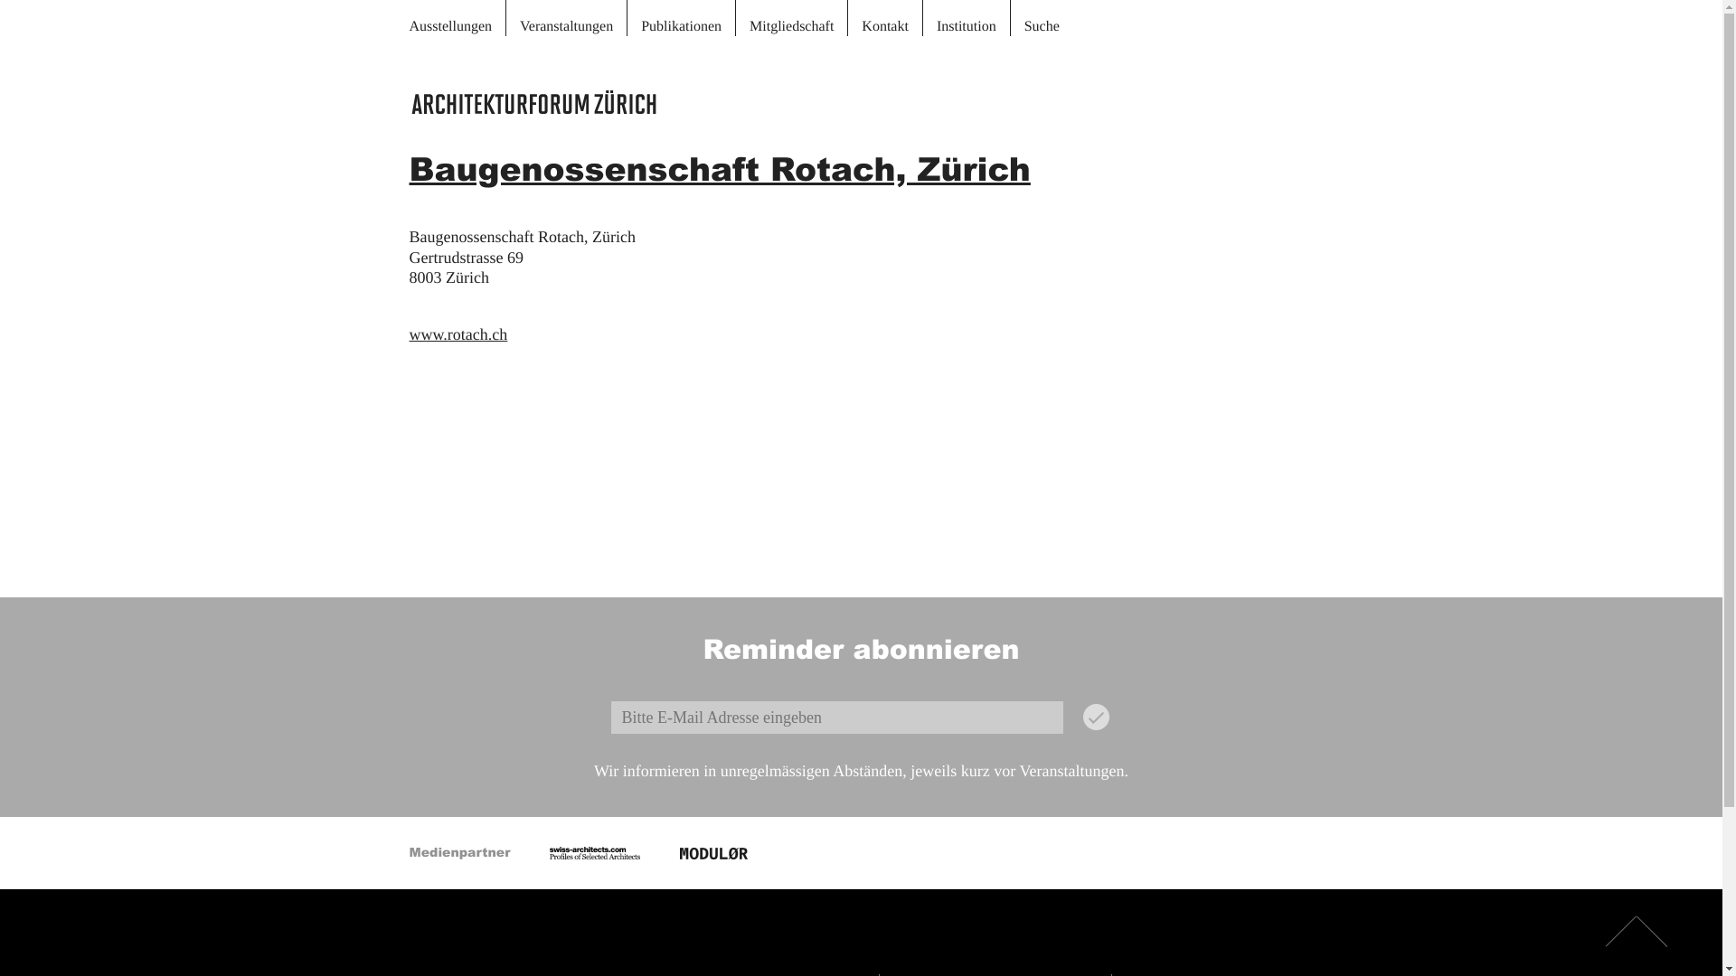 Image resolution: width=1736 pixels, height=976 pixels. What do you see at coordinates (1042, 17) in the screenshot?
I see `'Suche'` at bounding box center [1042, 17].